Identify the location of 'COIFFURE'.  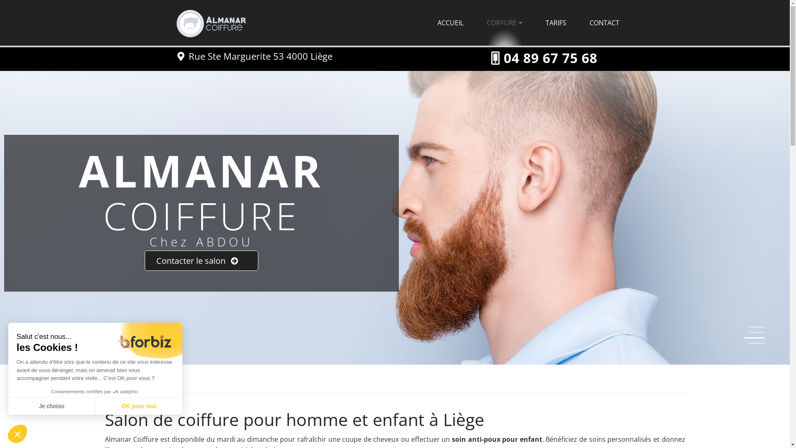
(504, 22).